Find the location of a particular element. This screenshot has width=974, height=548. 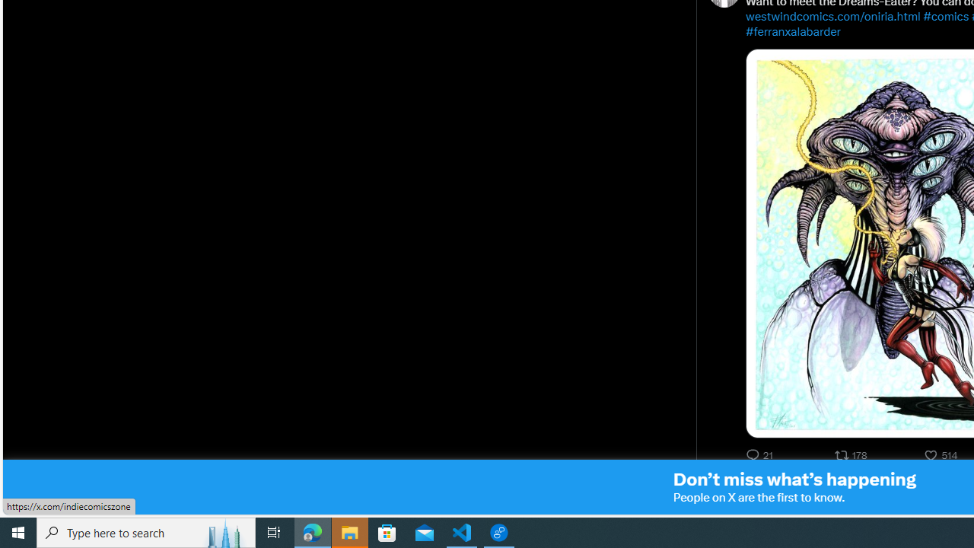

'#ferranxalabarder' is located at coordinates (792, 32).